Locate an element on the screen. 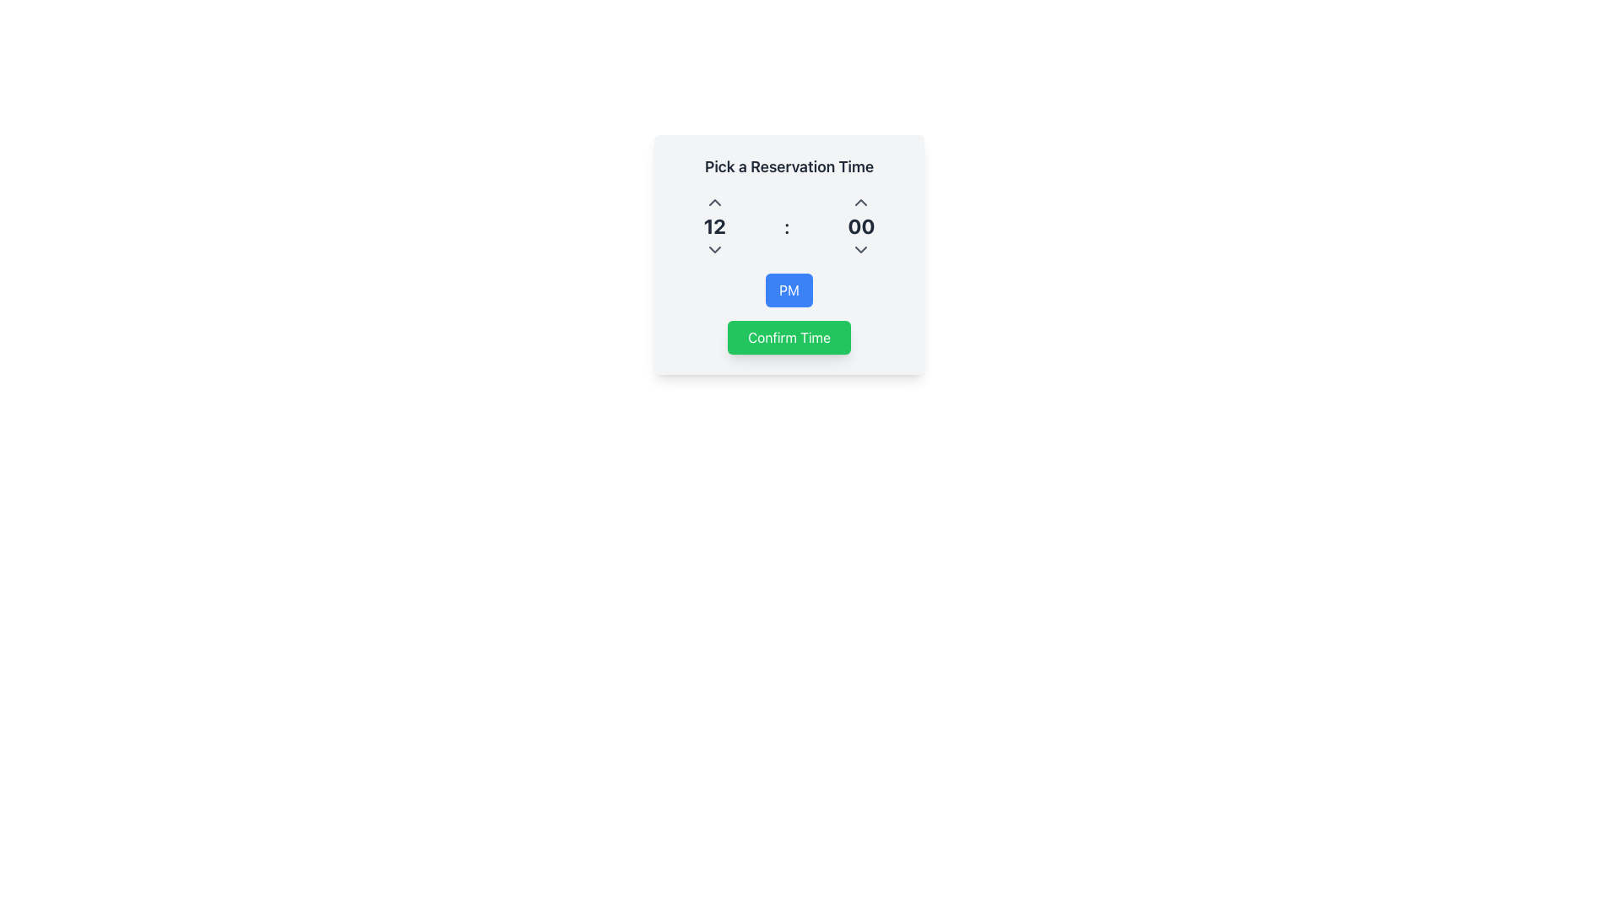 The height and width of the screenshot is (912, 1621). the dropdown toggle button located directly below the number '12' is located at coordinates (714, 250).